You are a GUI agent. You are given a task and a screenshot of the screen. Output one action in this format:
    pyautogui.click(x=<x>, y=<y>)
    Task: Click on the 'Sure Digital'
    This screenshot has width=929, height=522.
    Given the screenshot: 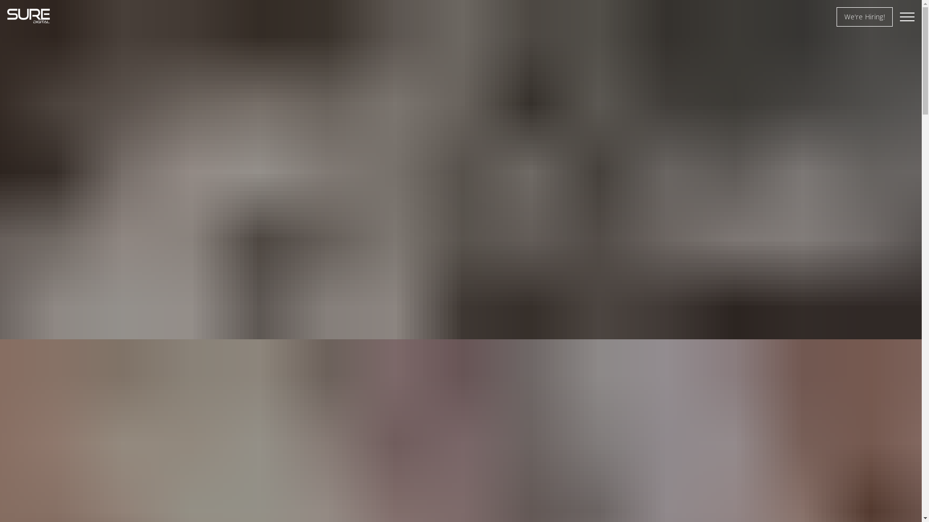 What is the action you would take?
    pyautogui.click(x=28, y=16)
    